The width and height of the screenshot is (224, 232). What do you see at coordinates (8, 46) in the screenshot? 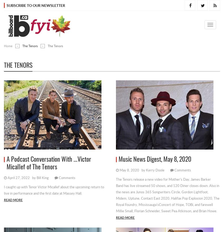
I see `'Home'` at bounding box center [8, 46].